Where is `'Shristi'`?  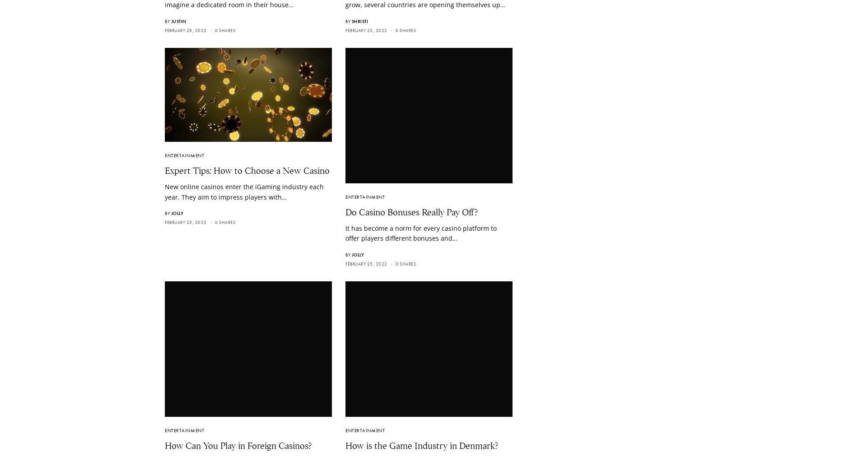
'Shristi' is located at coordinates (351, 20).